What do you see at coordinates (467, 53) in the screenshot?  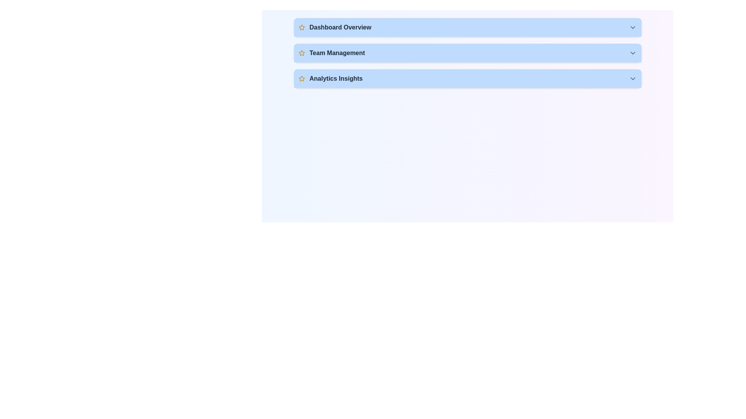 I see `the team management button located between the 'Dashboard Overview' and 'Analytics Insights' buttons` at bounding box center [467, 53].